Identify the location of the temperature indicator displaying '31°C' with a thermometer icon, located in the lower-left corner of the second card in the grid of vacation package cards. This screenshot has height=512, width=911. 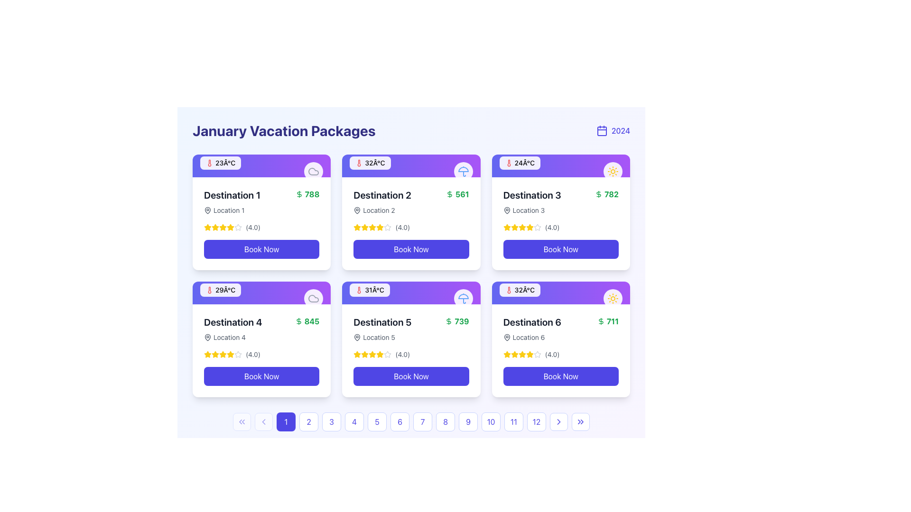
(369, 290).